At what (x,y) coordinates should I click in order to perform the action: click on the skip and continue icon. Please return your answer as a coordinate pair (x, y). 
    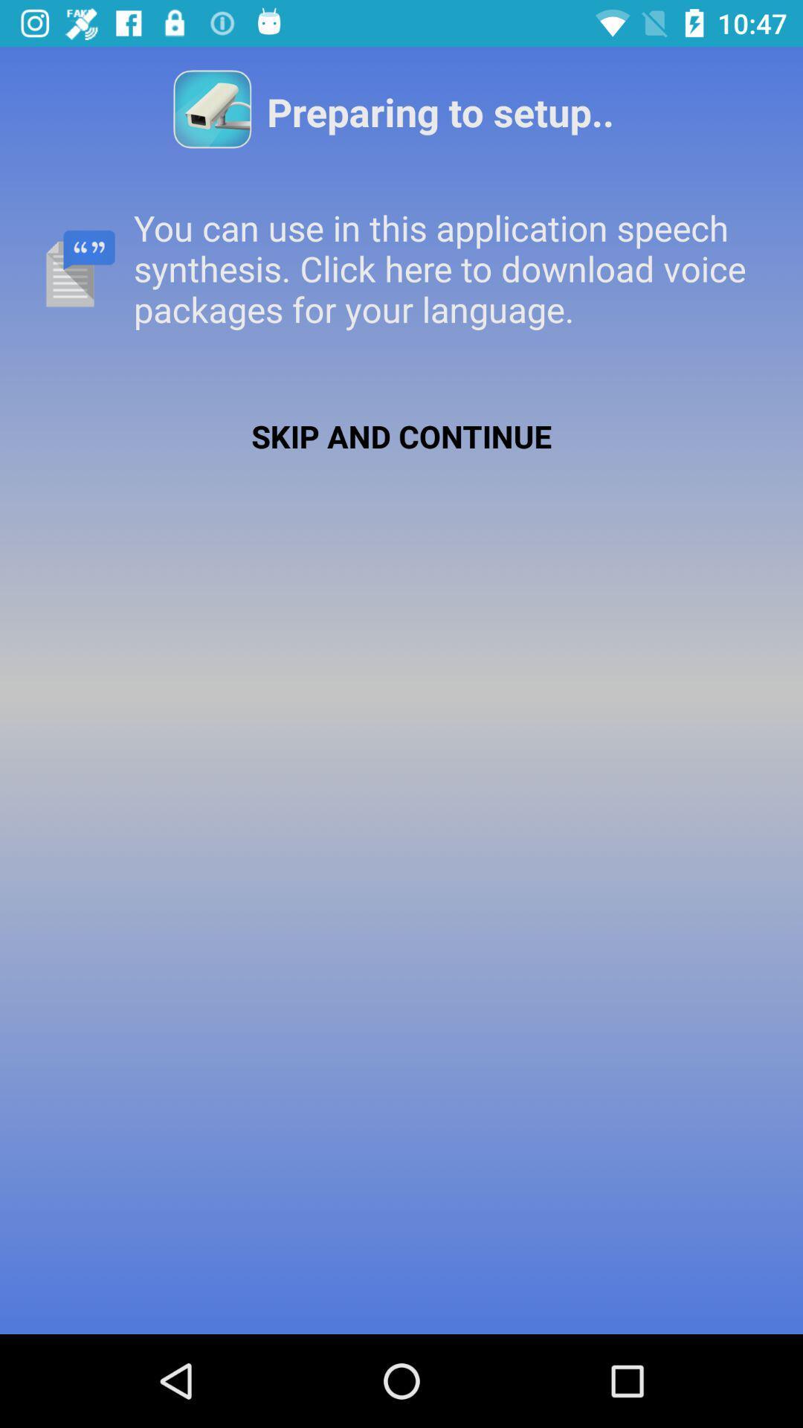
    Looking at the image, I should click on (401, 435).